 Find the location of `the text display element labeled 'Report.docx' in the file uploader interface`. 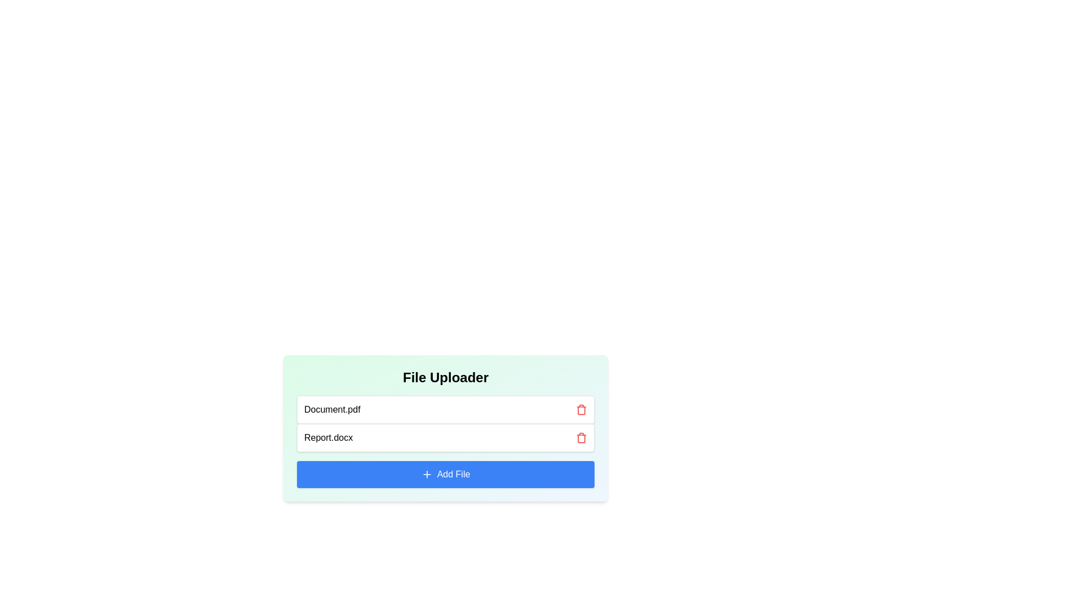

the text display element labeled 'Report.docx' in the file uploader interface is located at coordinates (327, 437).